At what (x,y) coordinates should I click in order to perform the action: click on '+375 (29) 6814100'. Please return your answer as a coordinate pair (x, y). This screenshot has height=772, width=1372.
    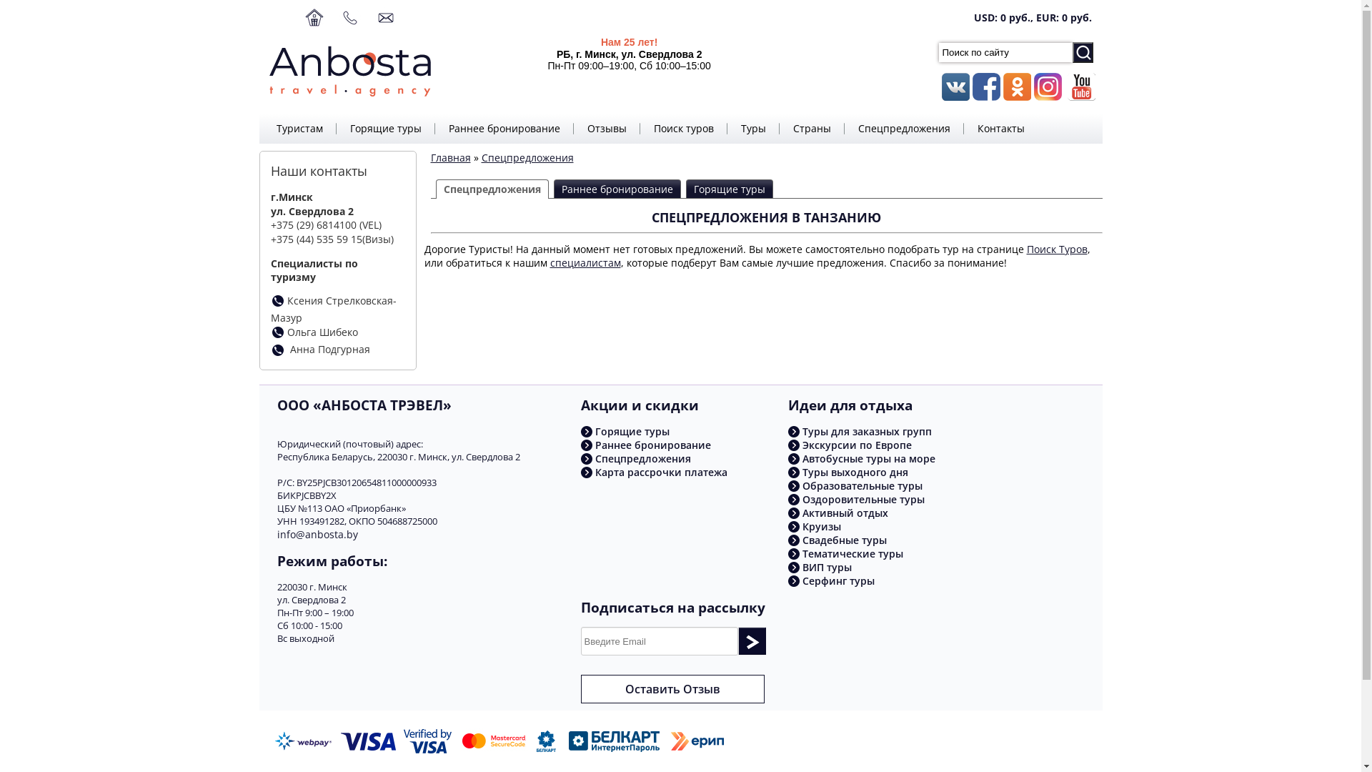
    Looking at the image, I should click on (270, 224).